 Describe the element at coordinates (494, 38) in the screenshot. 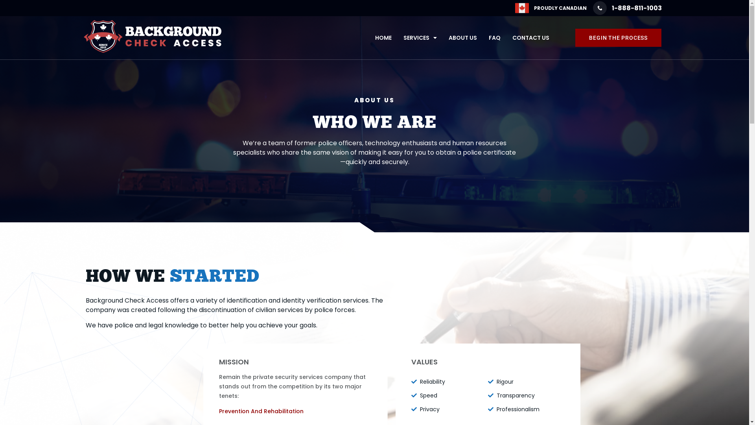

I see `'FAQ'` at that location.